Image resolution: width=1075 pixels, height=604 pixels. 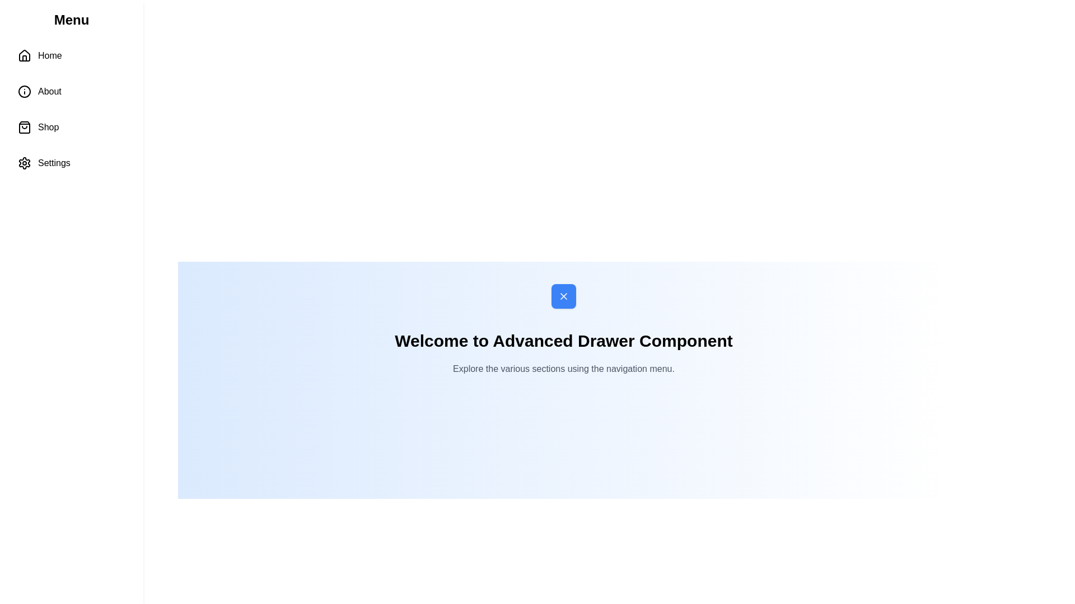 What do you see at coordinates (49, 56) in the screenshot?
I see `the 'Home' text label in the left-hand navigation menu, which is styled in black font and is located next to a house icon` at bounding box center [49, 56].